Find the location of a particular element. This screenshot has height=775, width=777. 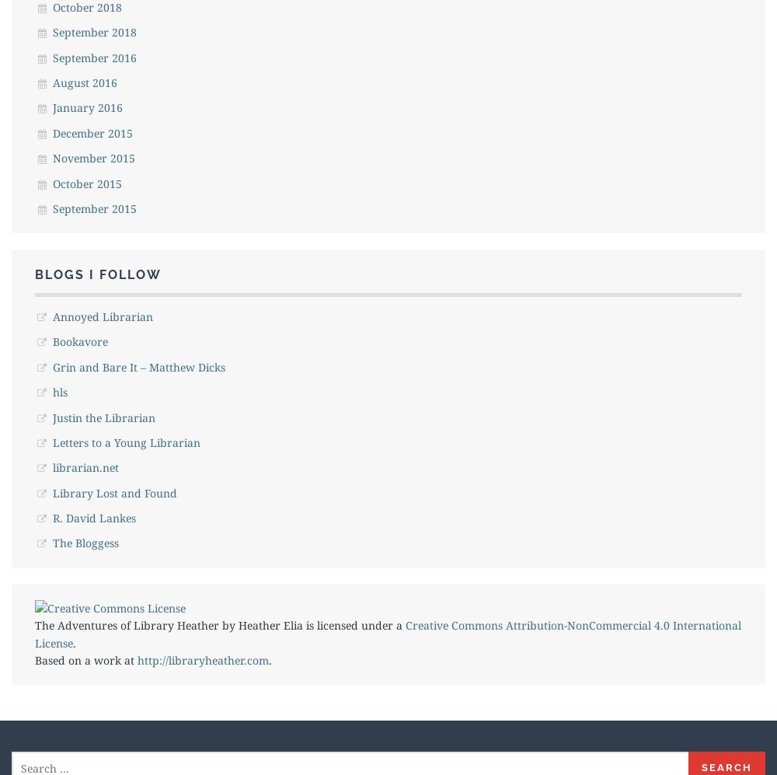

'Creative Commons Attribution-NonCommercial 4.0 International License' is located at coordinates (387, 633).